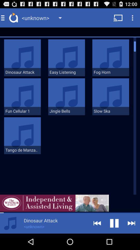 This screenshot has height=250, width=140. Describe the element at coordinates (10, 223) in the screenshot. I see `music option` at that location.